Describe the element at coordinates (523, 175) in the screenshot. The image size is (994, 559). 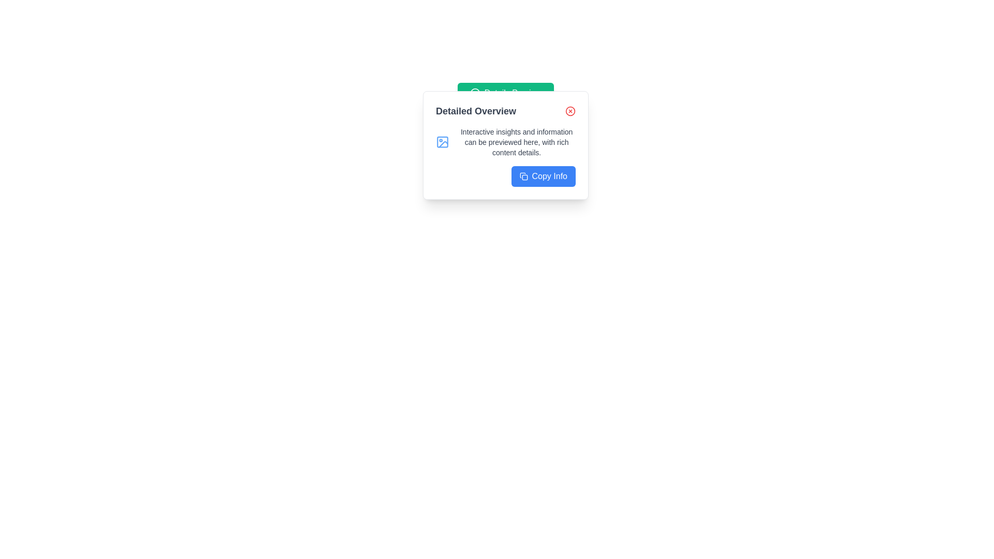
I see `the 'Copy Info' button by clicking on the icon located to the immediate left of the 'Copy Info' text` at that location.